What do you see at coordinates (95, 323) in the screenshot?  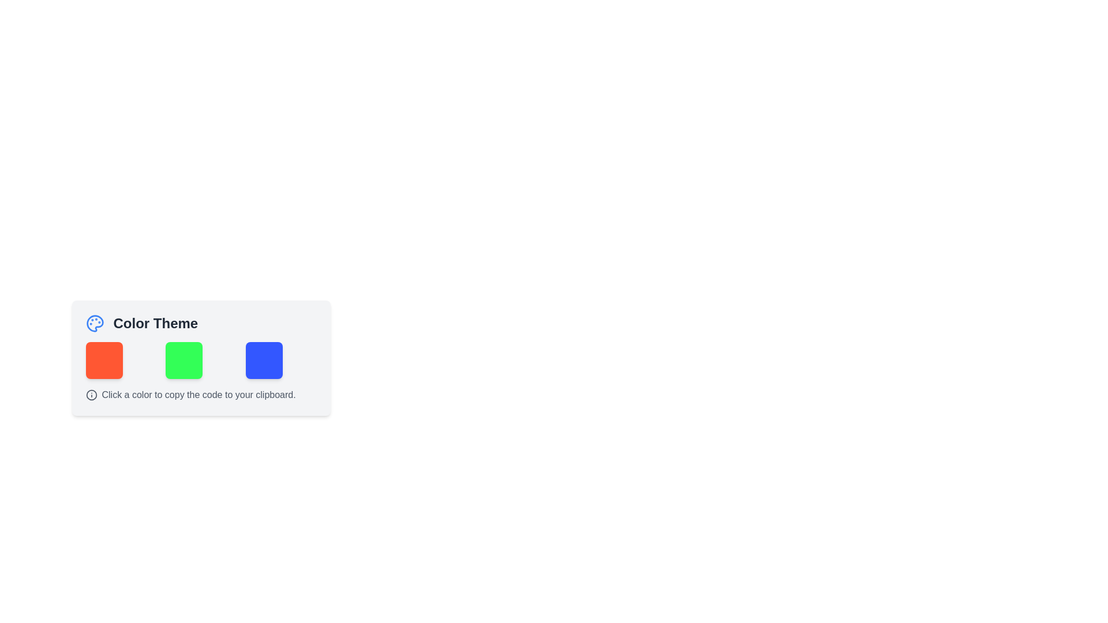 I see `the decorative icon resembling a painter's palette, which is located in the top left corner of the 'Color Theme' section, before the label 'Color Theme'` at bounding box center [95, 323].